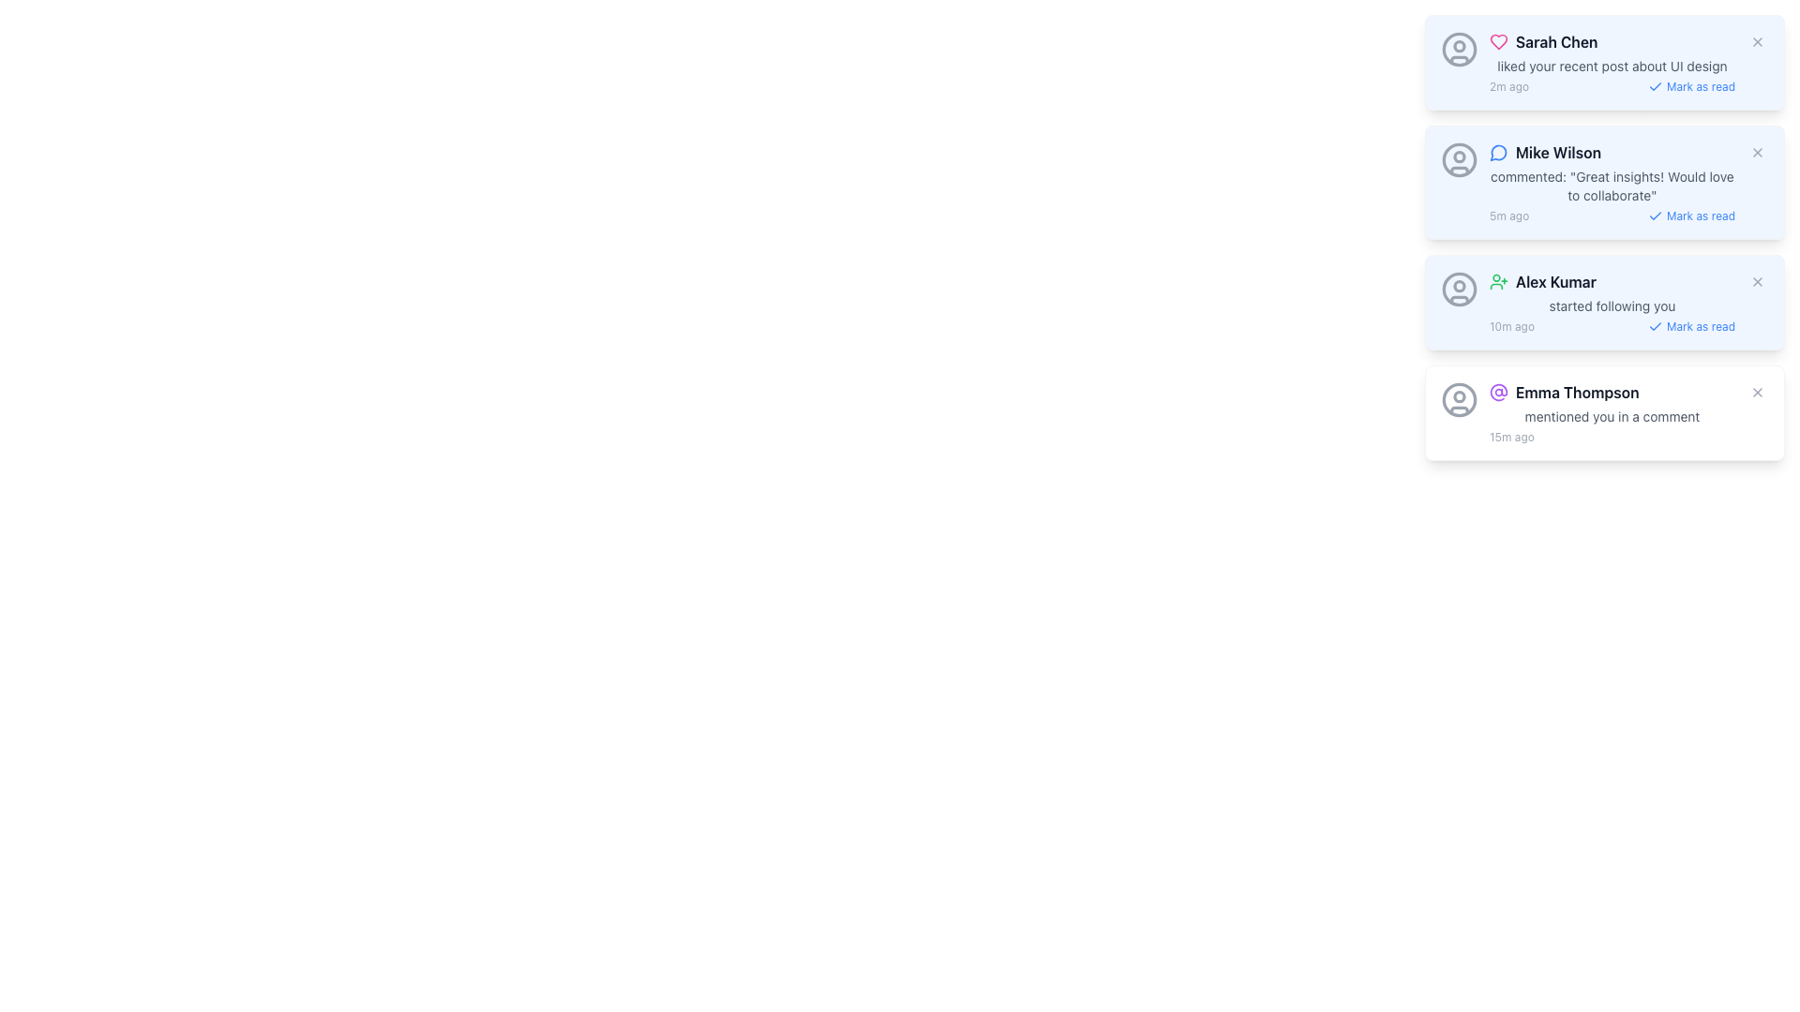 This screenshot has width=1800, height=1012. I want to click on the 'Mark as read' interactive text button with a check mark icon located in the notification card about 'Sarah Chen' to mark the notification as read, so click(1691, 86).